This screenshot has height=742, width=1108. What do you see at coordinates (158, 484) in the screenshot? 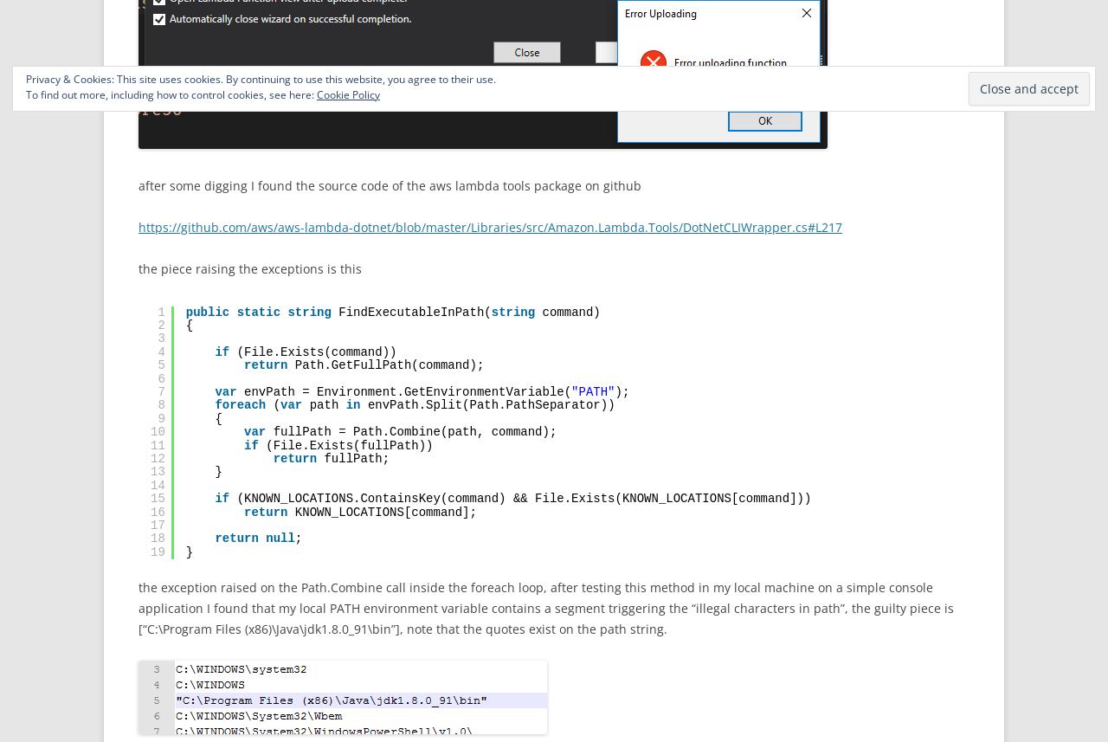
I see `'14'` at bounding box center [158, 484].